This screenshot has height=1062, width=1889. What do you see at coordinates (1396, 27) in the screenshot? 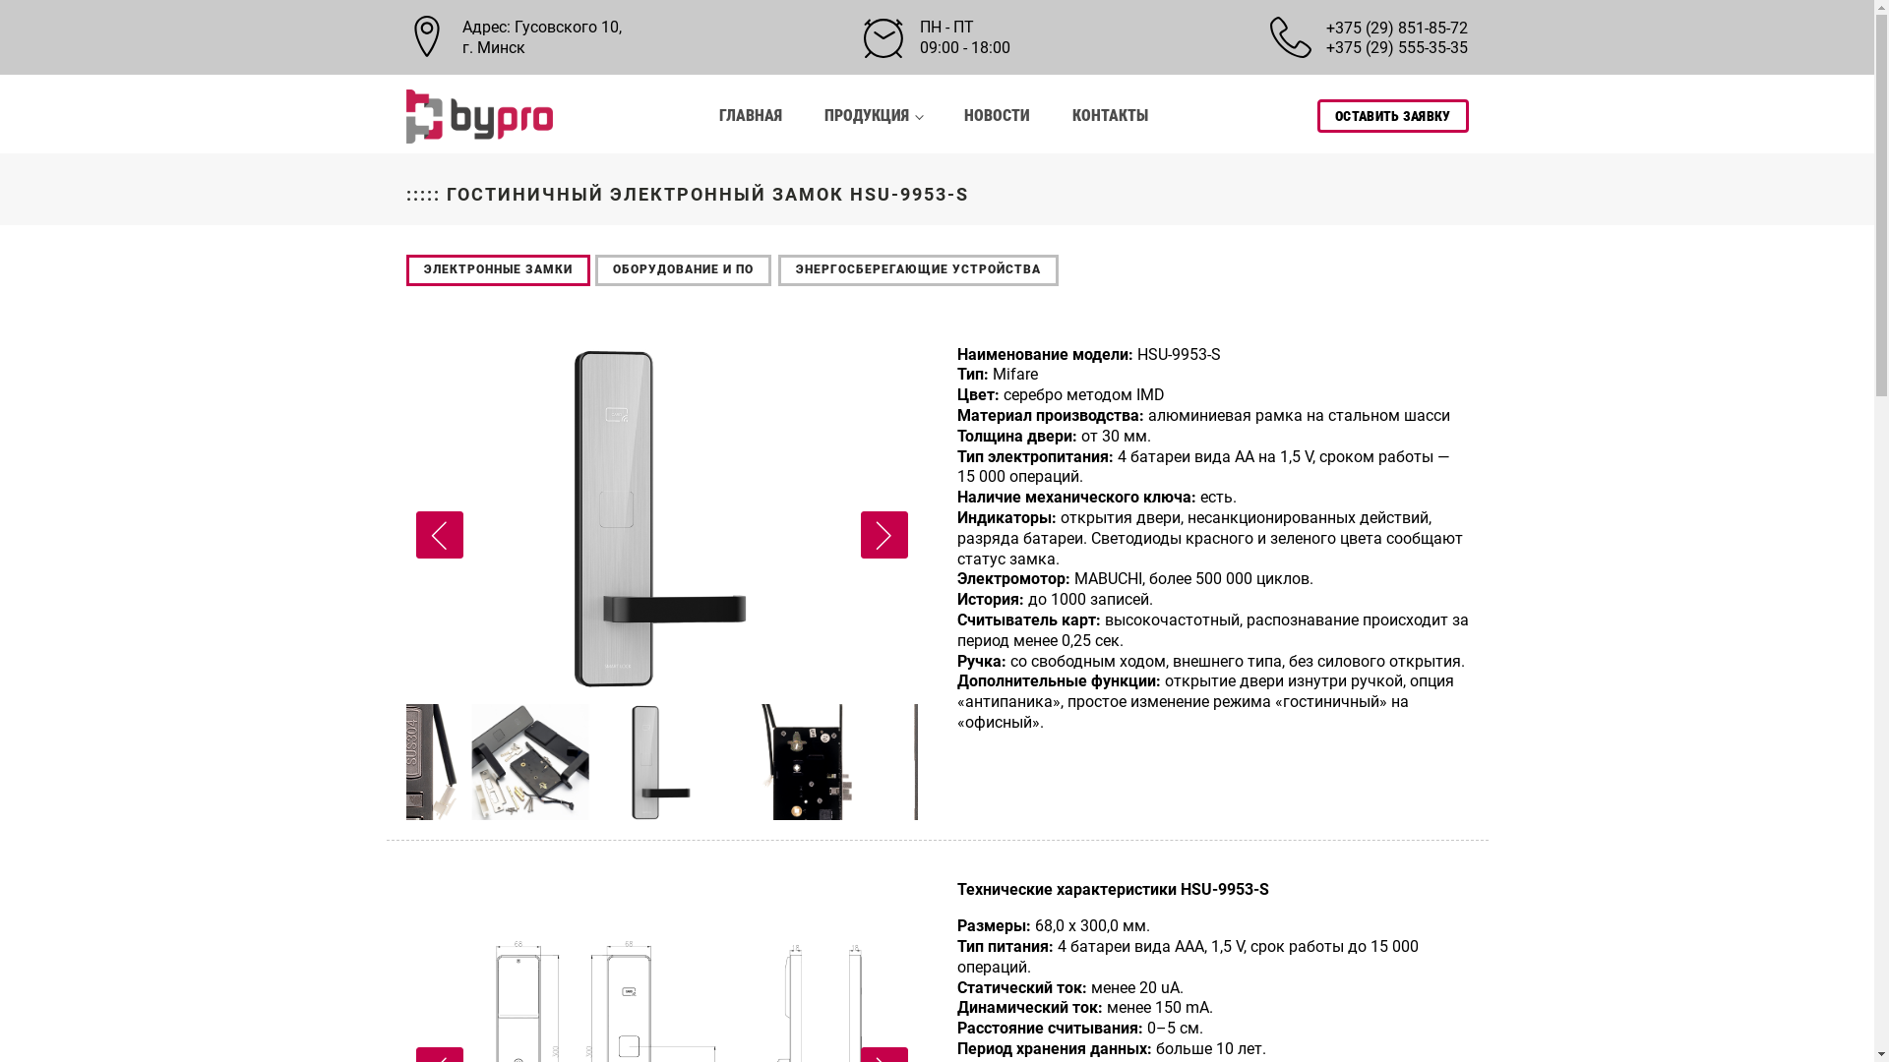
I see `'+375 (29) 851-85-72'` at bounding box center [1396, 27].